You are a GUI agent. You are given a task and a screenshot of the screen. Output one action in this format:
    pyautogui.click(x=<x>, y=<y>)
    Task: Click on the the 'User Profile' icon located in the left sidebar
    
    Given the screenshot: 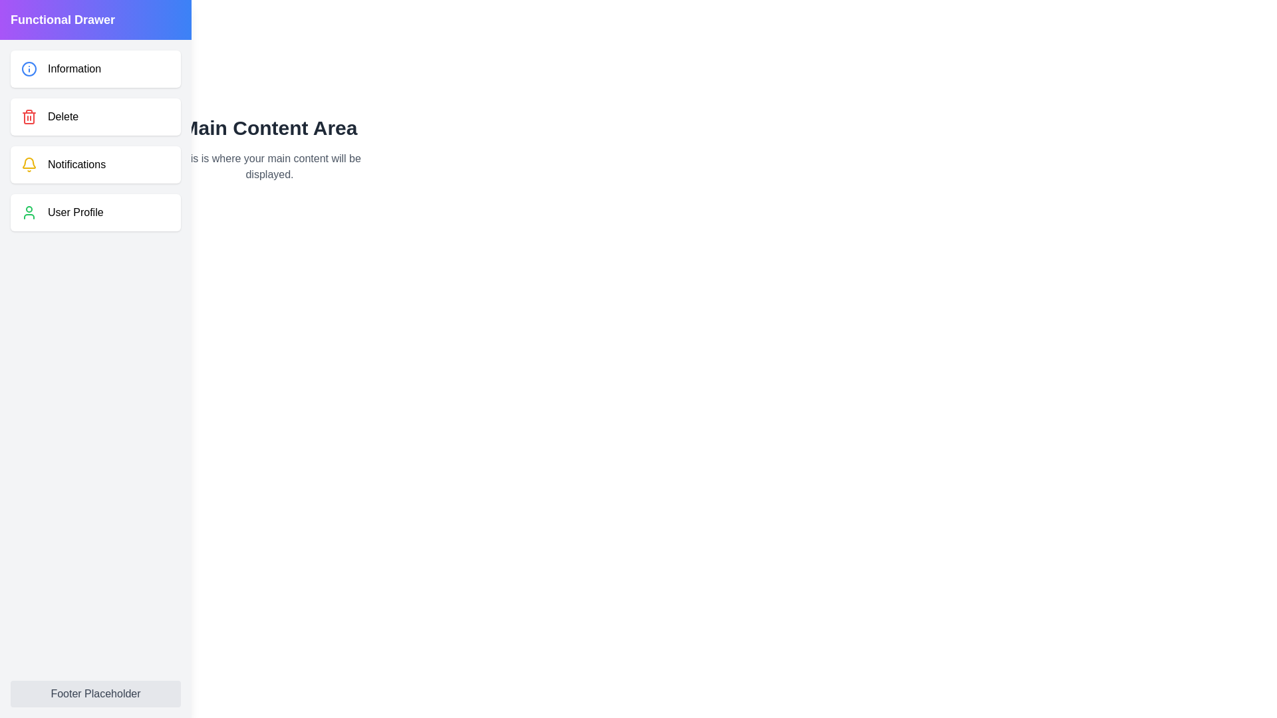 What is the action you would take?
    pyautogui.click(x=29, y=212)
    